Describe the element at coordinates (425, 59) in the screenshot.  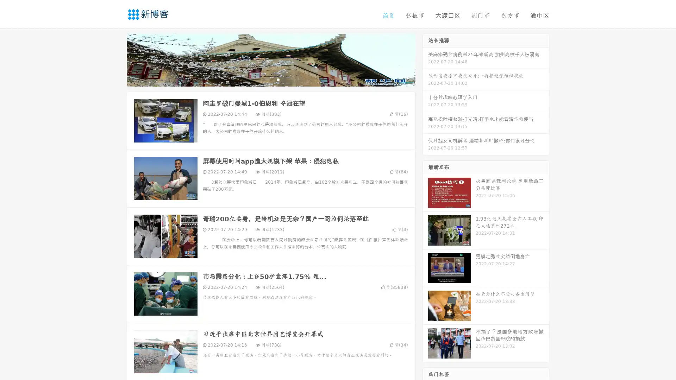
I see `Next slide` at that location.